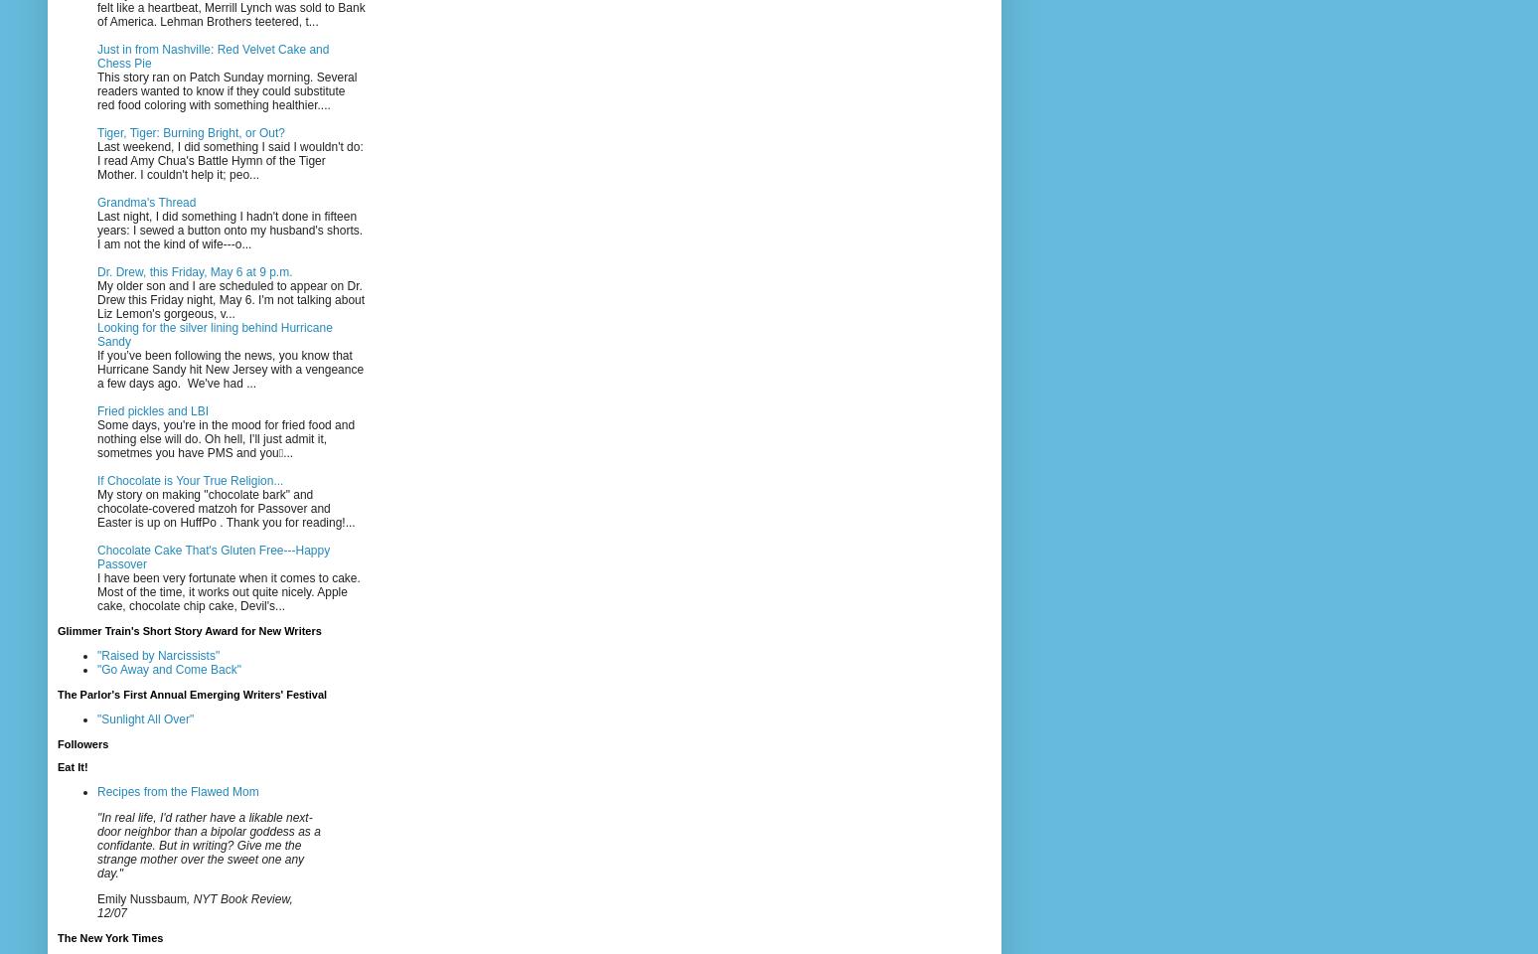 The image size is (1538, 954). I want to click on 'Chocolate Cake That's Gluten Free---Happy Passover', so click(213, 556).